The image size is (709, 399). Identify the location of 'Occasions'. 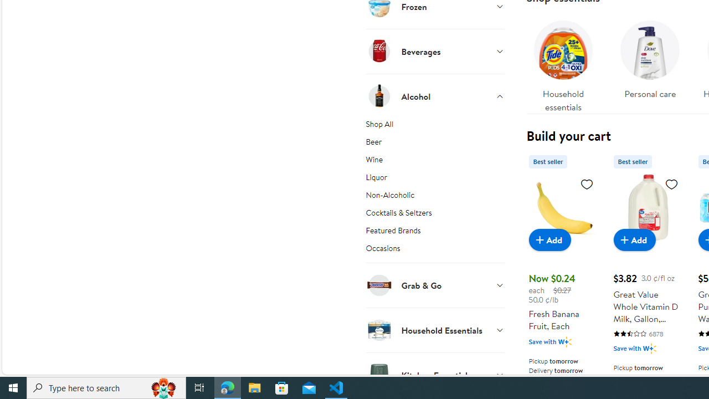
(434, 252).